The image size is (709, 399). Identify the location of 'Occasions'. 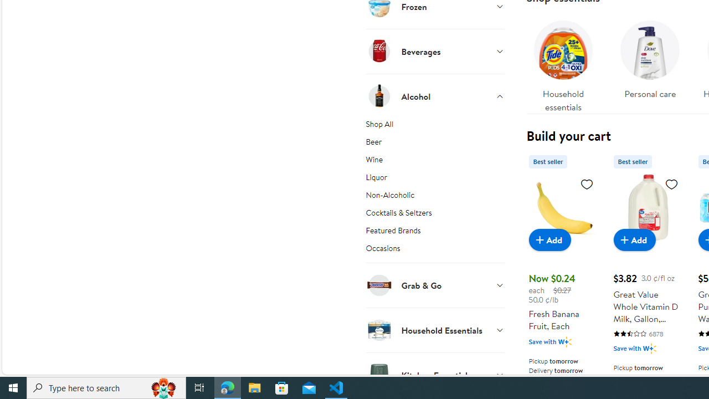
(434, 252).